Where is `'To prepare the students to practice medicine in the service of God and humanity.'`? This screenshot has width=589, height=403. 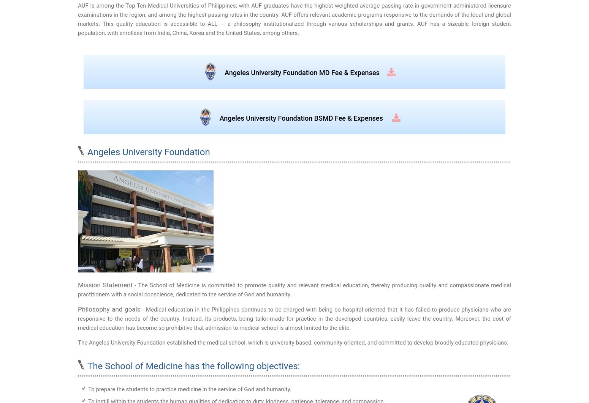 'To prepare the students to practice medicine in the service of God and humanity.' is located at coordinates (189, 389).